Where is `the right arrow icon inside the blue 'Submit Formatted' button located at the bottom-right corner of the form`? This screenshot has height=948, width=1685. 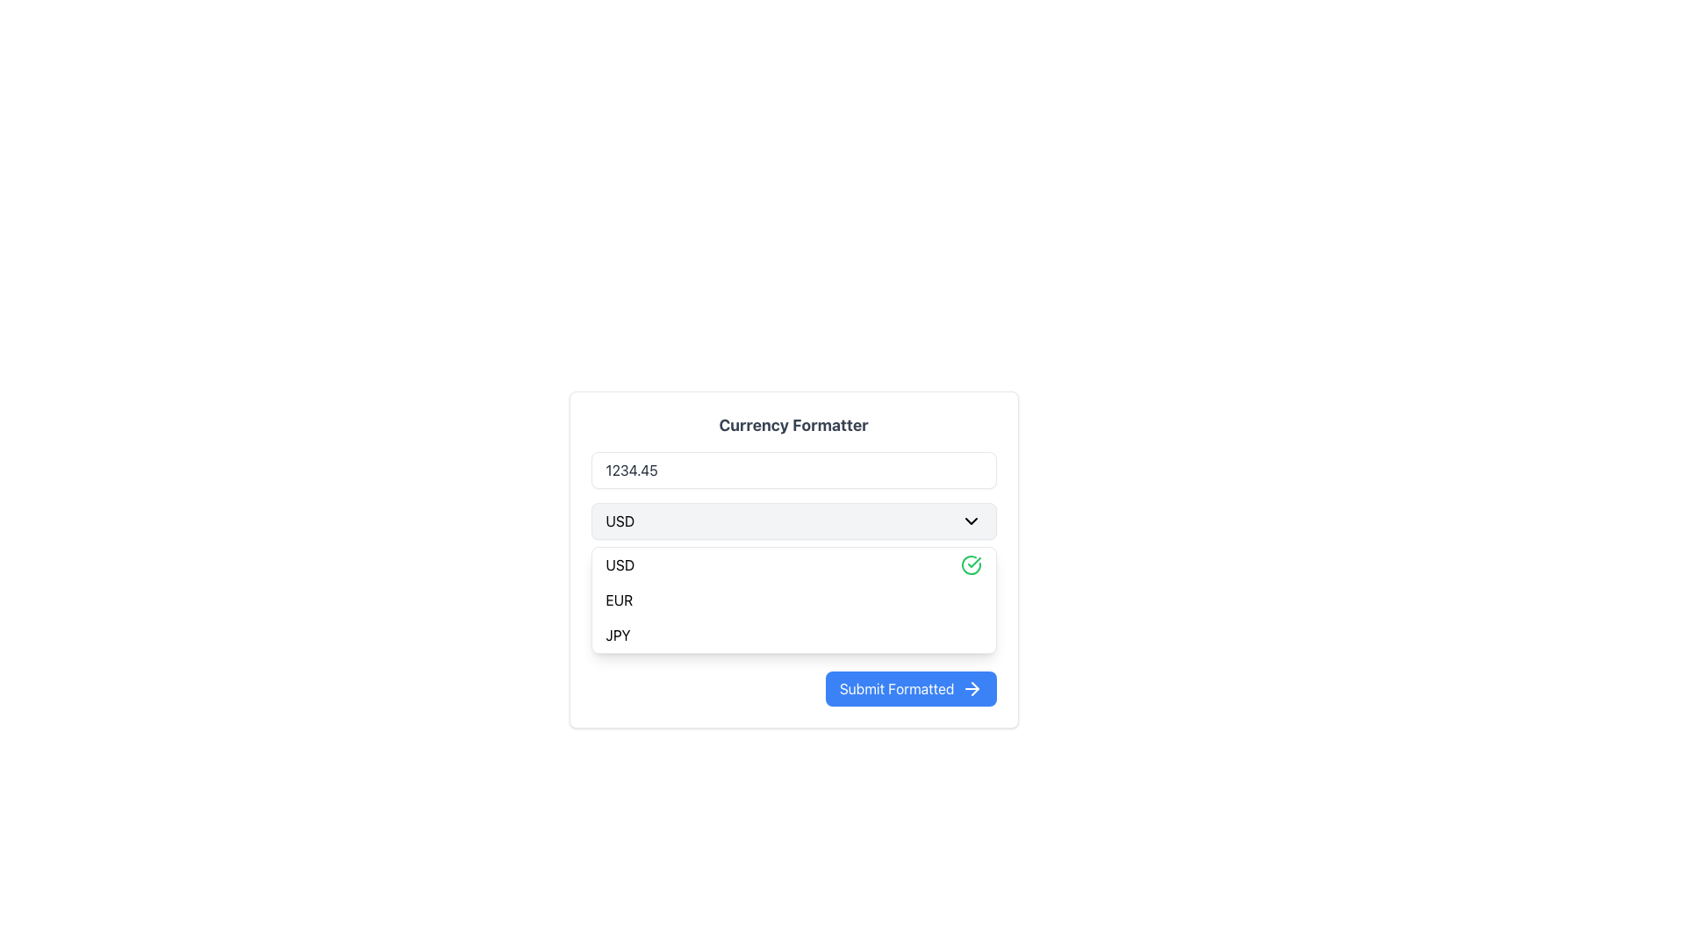 the right arrow icon inside the blue 'Submit Formatted' button located at the bottom-right corner of the form is located at coordinates (971, 688).